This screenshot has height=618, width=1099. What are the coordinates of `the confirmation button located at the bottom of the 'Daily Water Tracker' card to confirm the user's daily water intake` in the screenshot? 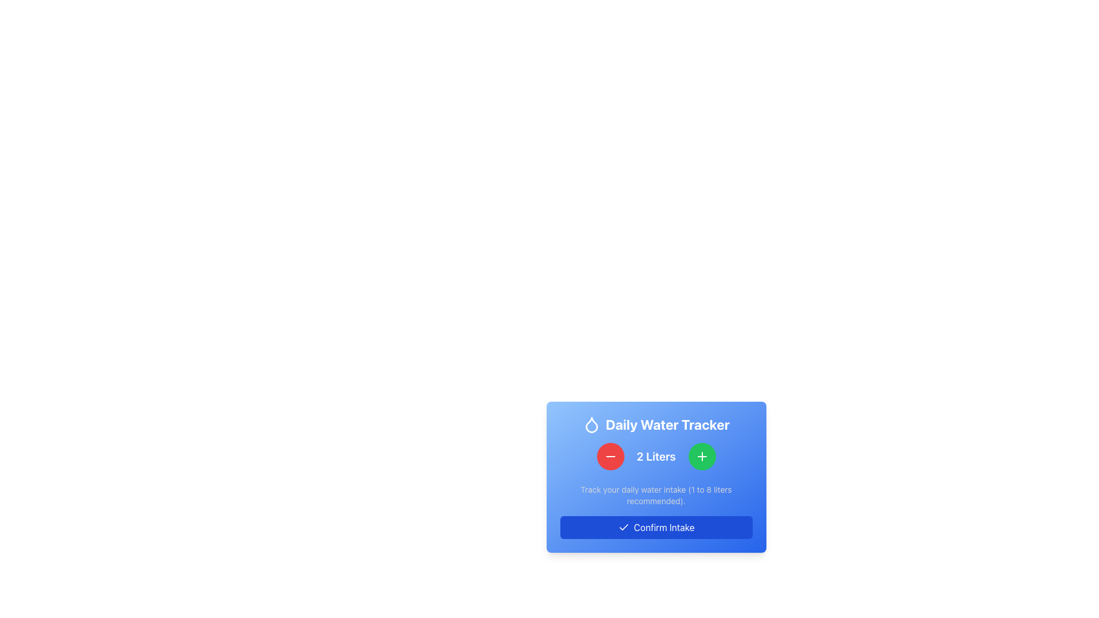 It's located at (656, 527).